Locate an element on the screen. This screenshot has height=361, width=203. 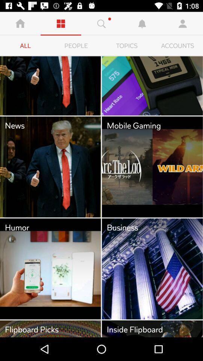
button which is above accounts is located at coordinates (182, 24).